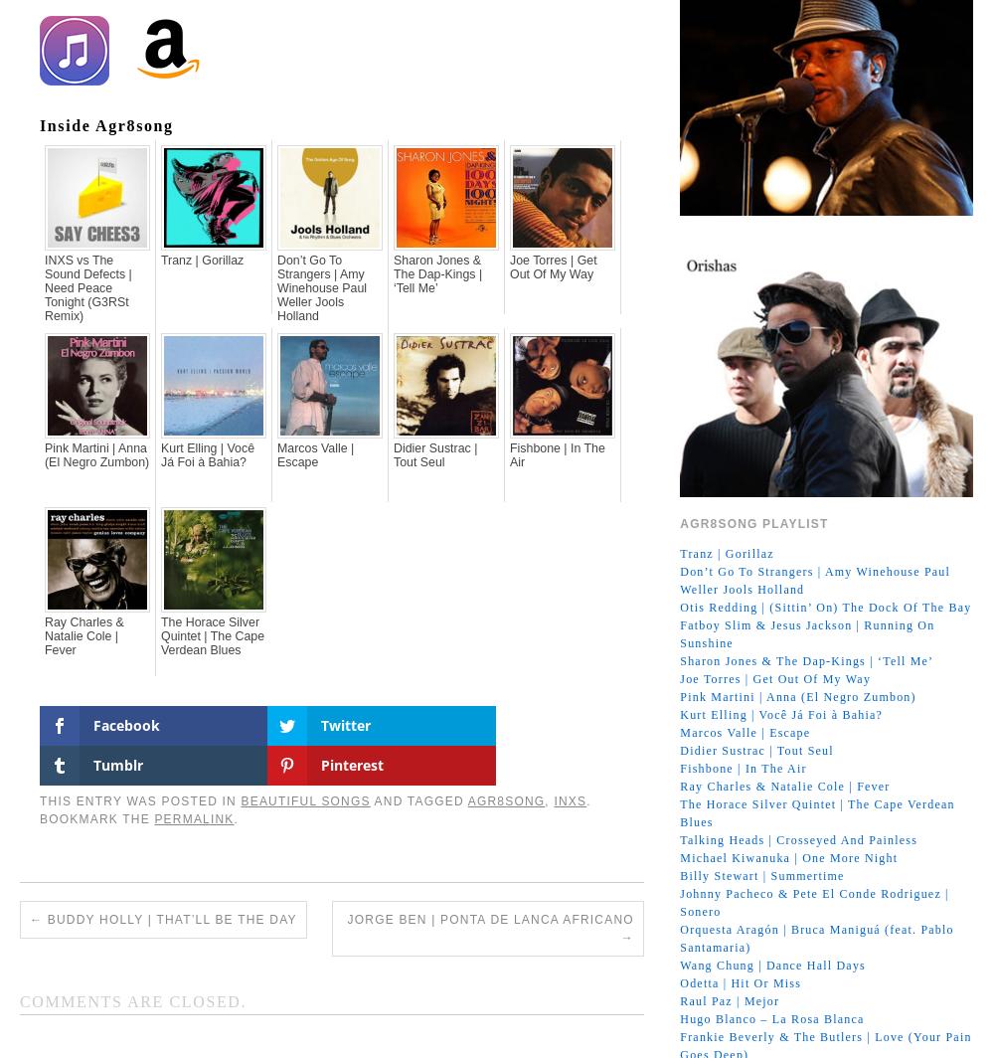 The height and width of the screenshot is (1058, 994). I want to click on 'Johnny Pacheco & Pete El Conde Rodriguez | Sonero', so click(813, 901).